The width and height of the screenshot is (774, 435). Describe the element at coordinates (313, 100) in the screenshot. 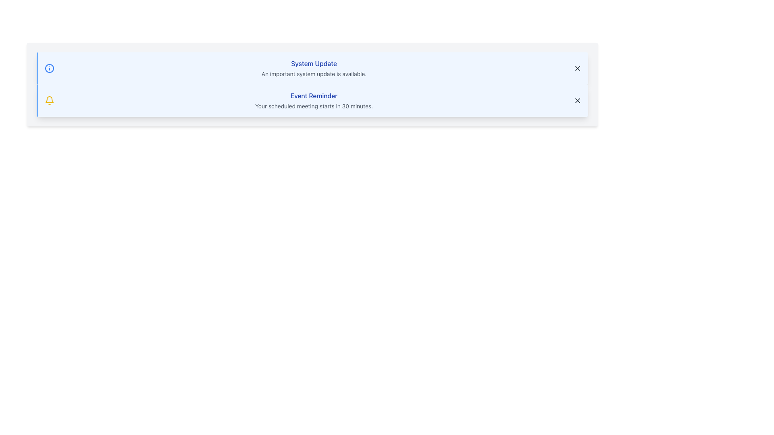

I see `the second text display element that serves as a reminder for an upcoming scheduled meeting, located below the system update notification` at that location.